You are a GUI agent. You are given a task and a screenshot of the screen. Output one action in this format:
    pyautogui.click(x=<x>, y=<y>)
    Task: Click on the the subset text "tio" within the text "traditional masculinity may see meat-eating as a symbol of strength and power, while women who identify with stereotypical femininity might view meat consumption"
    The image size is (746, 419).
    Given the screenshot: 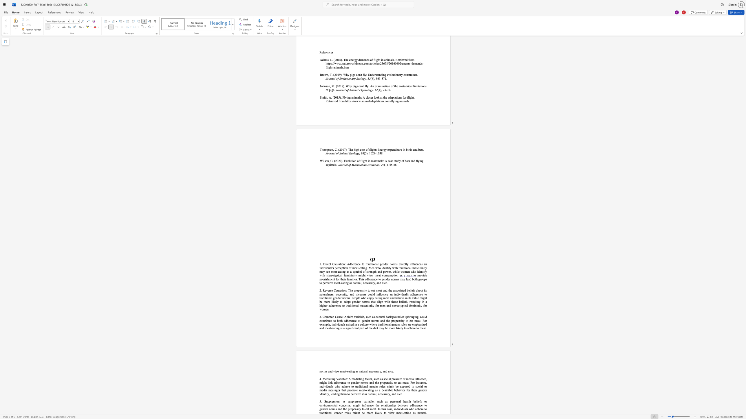 What is the action you would take?
    pyautogui.click(x=393, y=275)
    